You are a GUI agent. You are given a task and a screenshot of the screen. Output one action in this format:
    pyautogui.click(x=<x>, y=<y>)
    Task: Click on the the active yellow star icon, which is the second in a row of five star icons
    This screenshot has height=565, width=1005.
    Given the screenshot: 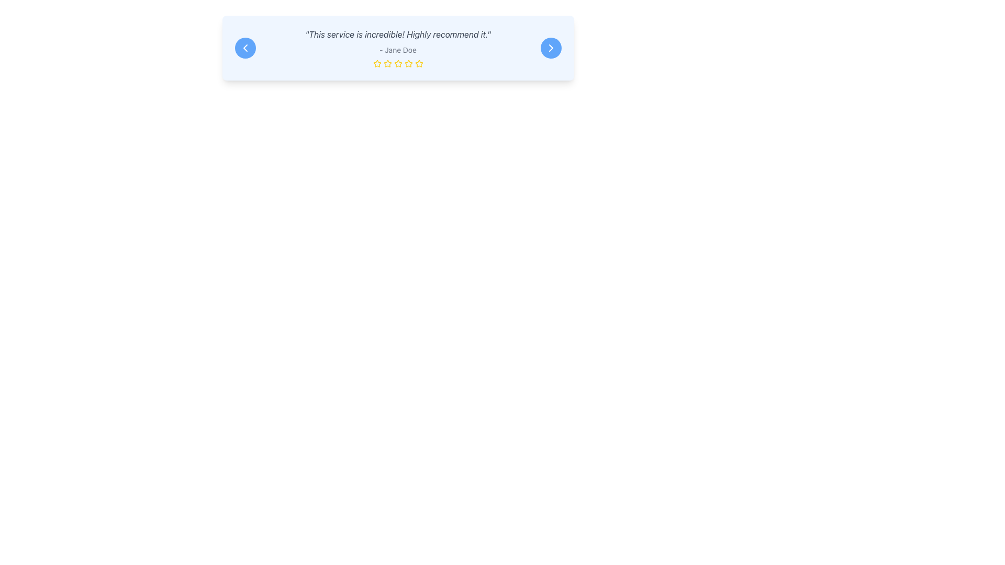 What is the action you would take?
    pyautogui.click(x=397, y=63)
    